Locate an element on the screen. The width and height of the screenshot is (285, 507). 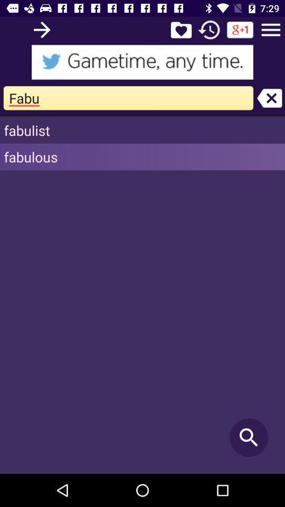
see favorites is located at coordinates (180, 29).